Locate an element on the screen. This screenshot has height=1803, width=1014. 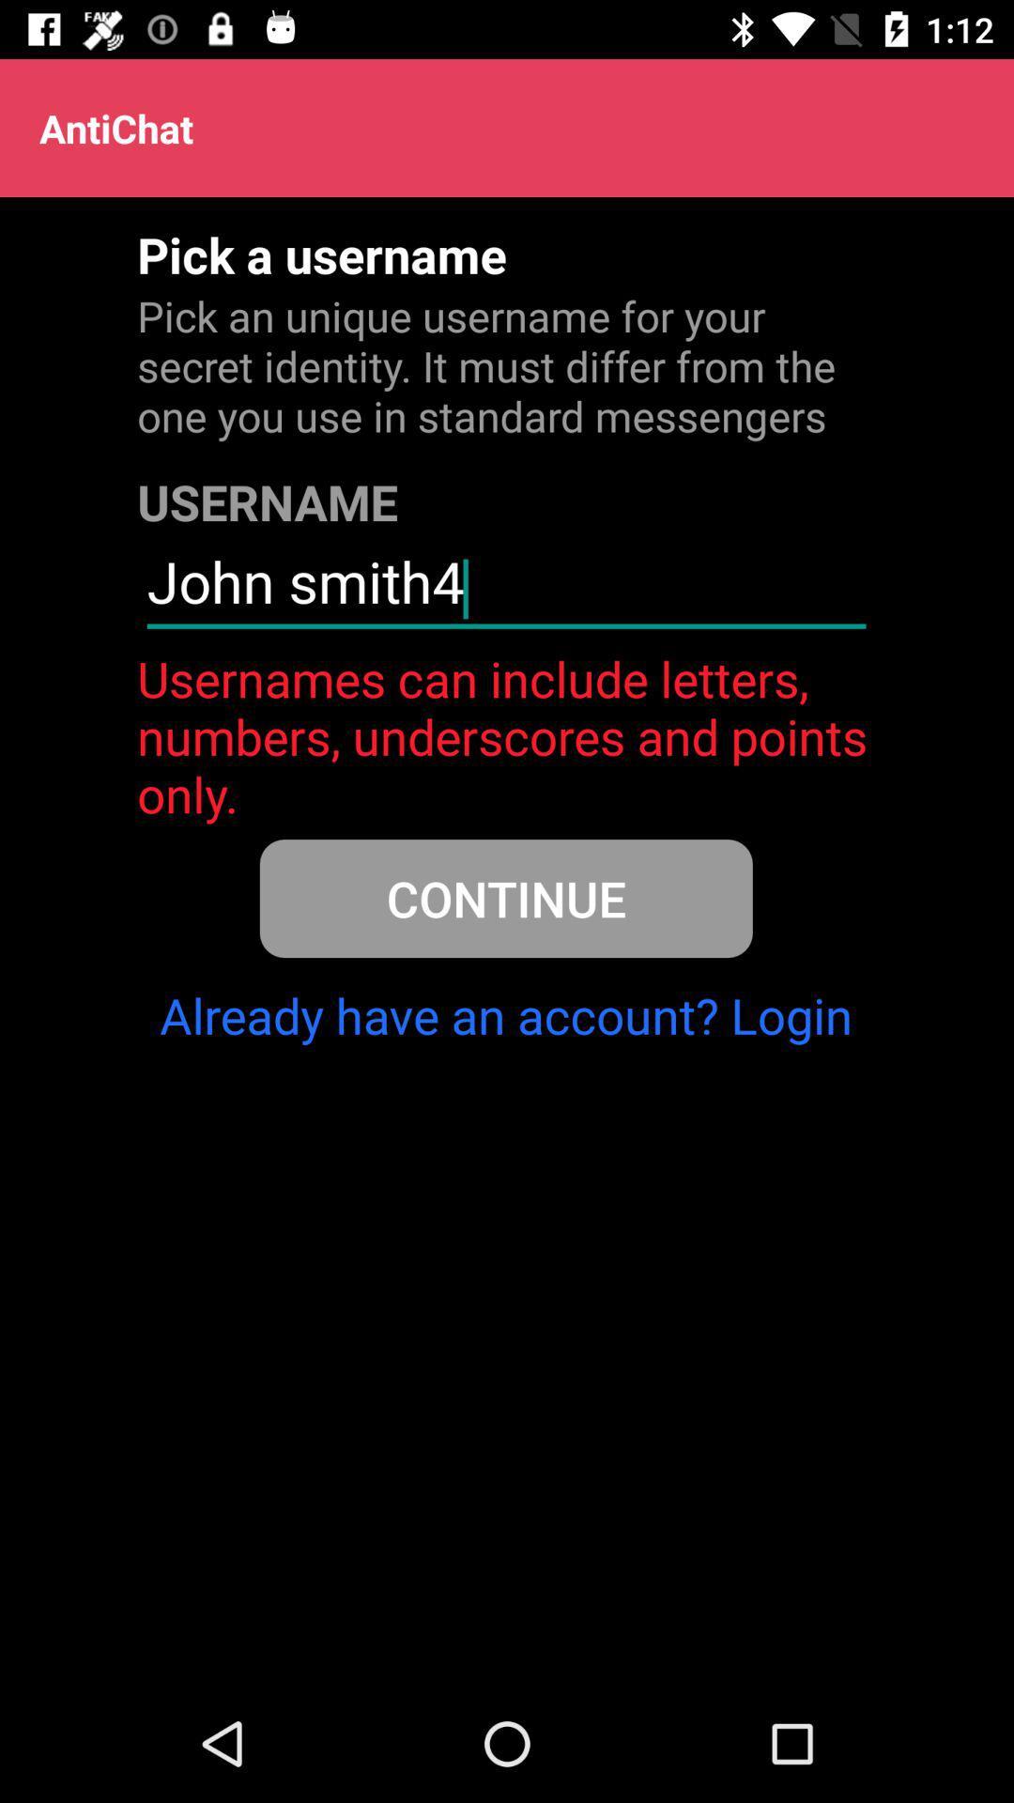
john smith4 is located at coordinates (505, 589).